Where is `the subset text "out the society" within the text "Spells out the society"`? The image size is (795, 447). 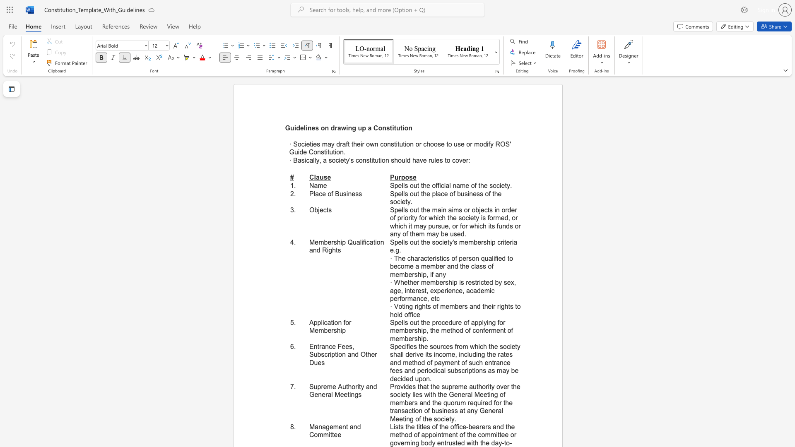 the subset text "out the society" within the text "Spells out the society" is located at coordinates (410, 242).